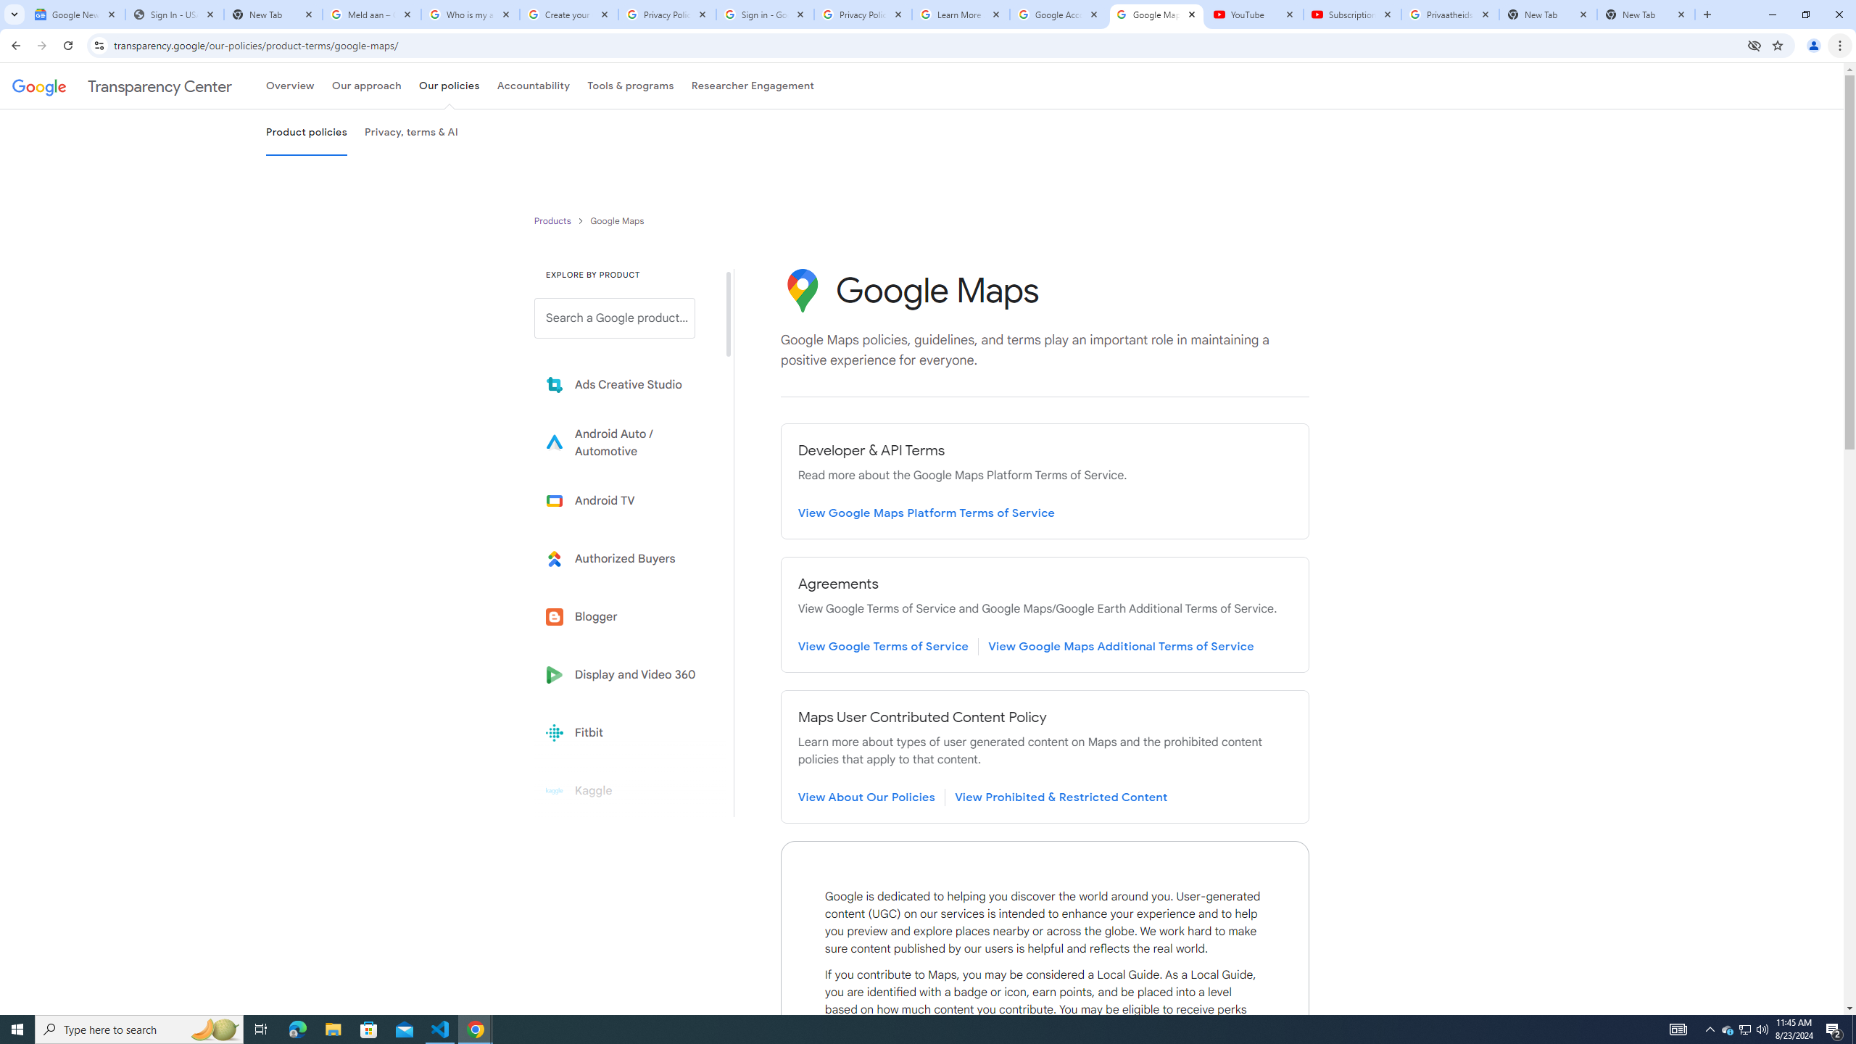 This screenshot has height=1044, width=1856. What do you see at coordinates (1353, 14) in the screenshot?
I see `'Subscriptions - YouTube'` at bounding box center [1353, 14].